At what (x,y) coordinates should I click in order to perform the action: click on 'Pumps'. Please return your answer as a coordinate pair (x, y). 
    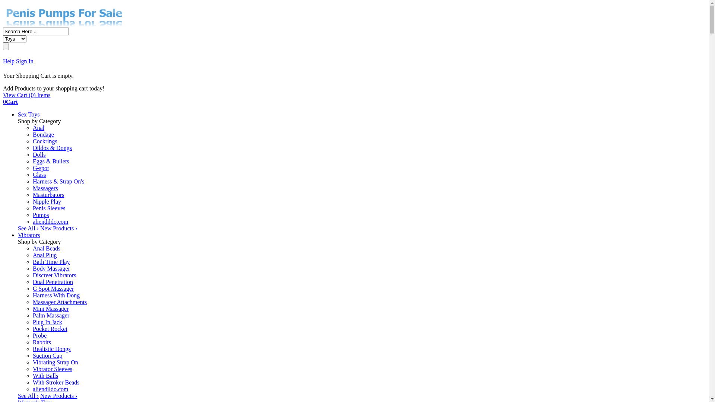
    Looking at the image, I should click on (41, 215).